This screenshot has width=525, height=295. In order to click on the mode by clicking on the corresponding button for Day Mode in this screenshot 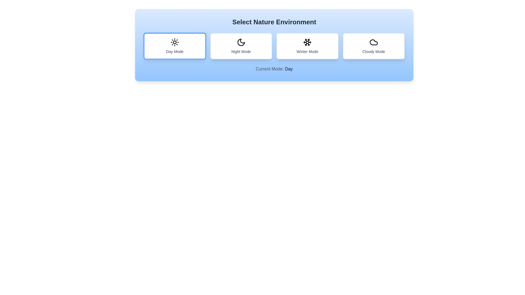, I will do `click(174, 46)`.